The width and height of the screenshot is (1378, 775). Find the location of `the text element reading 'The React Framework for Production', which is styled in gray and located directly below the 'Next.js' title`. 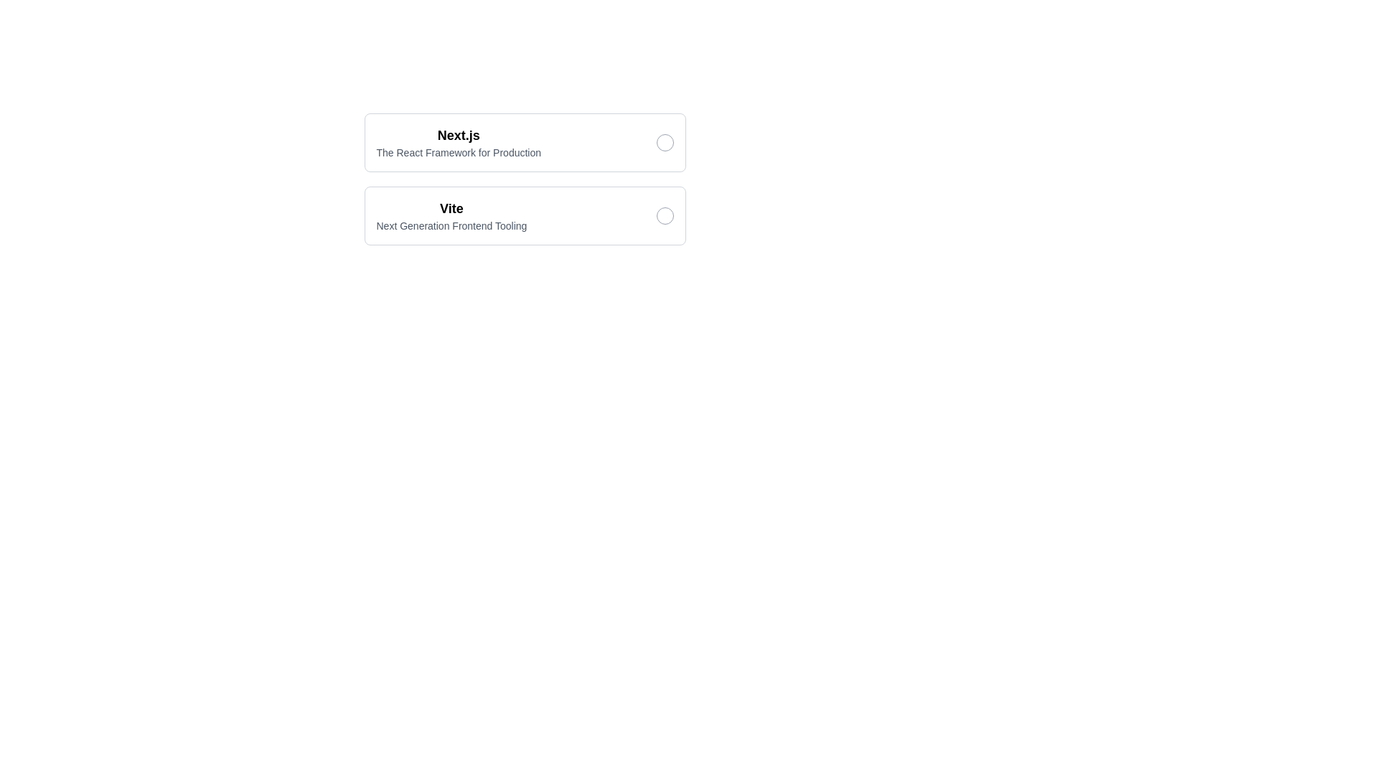

the text element reading 'The React Framework for Production', which is styled in gray and located directly below the 'Next.js' title is located at coordinates (458, 152).